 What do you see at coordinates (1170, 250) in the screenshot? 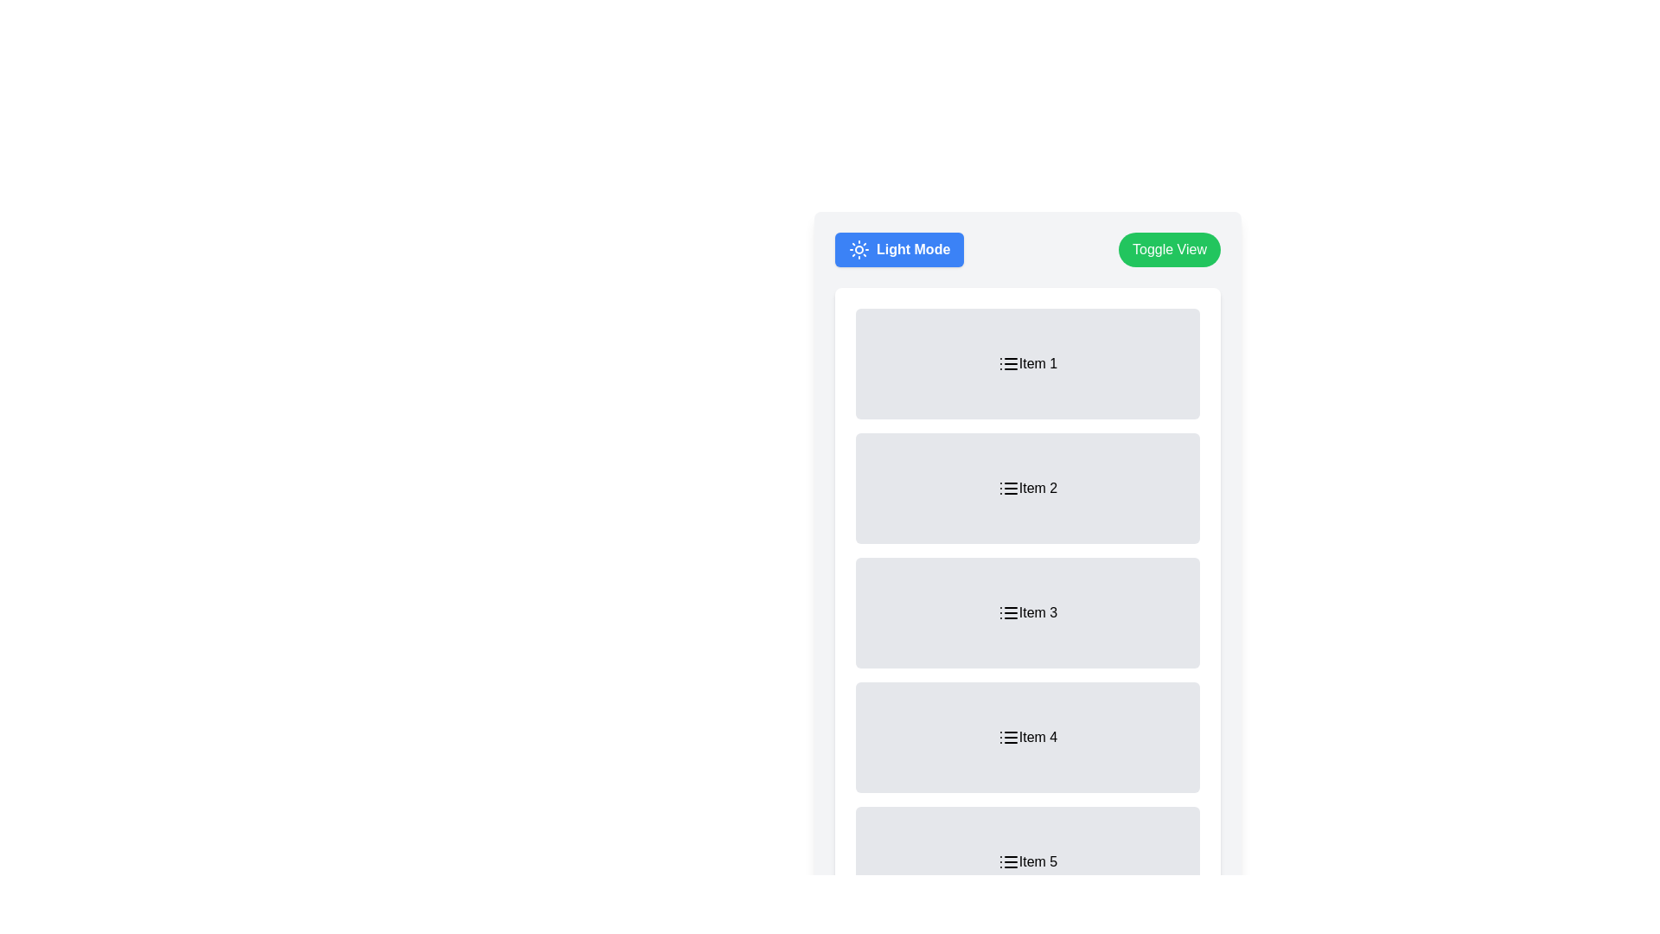
I see `the 'Toggle View' button to observe the hover effects, which allows users to switch display modes` at bounding box center [1170, 250].